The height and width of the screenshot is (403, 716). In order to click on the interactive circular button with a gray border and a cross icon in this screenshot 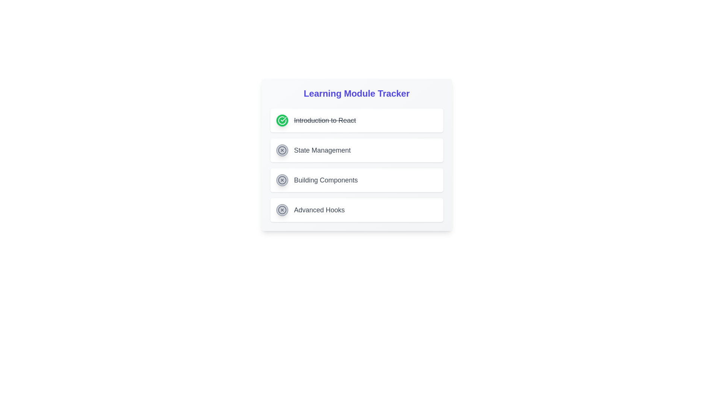, I will do `click(282, 180)`.